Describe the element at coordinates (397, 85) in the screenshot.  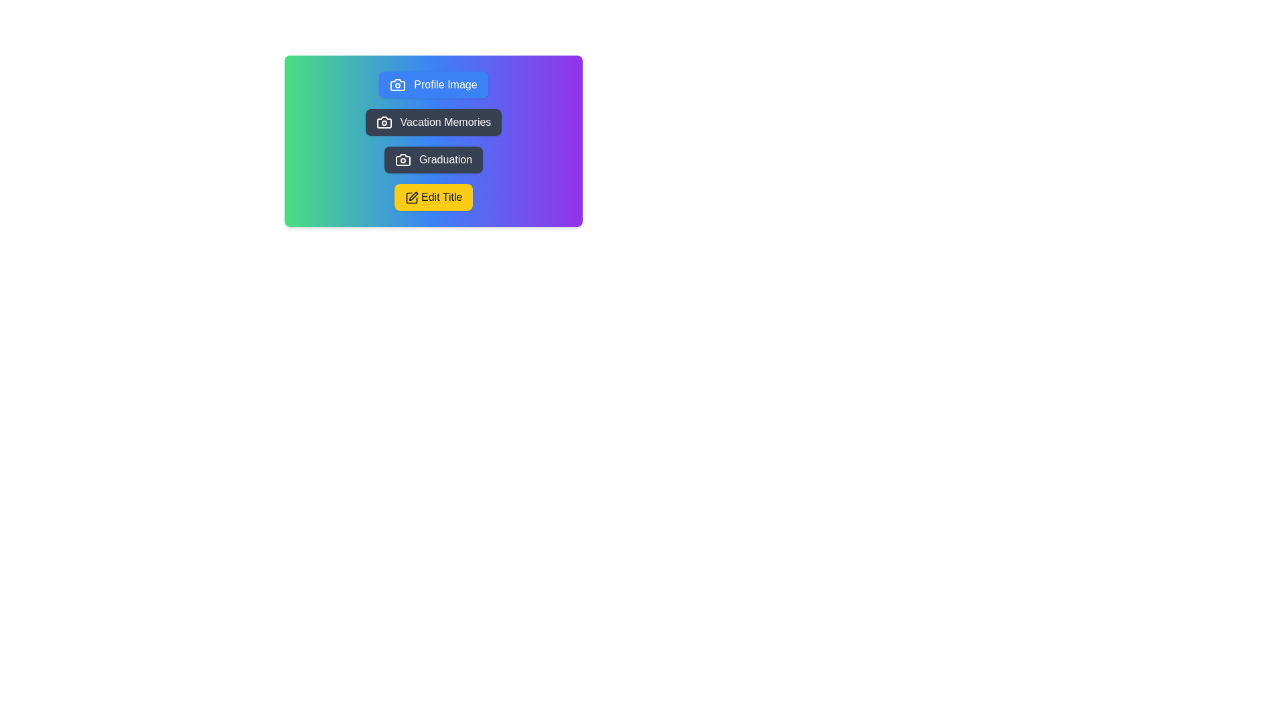
I see `the camera icon, which is a graphical representation of a camera device in a modern line art style, indicating photography functionalities` at that location.